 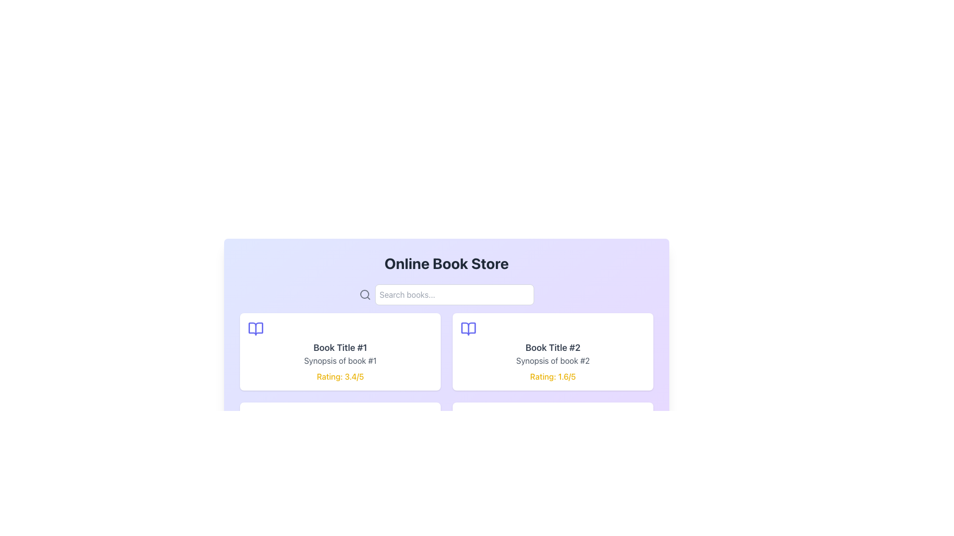 I want to click on the Text label that provides a brief description or summary of a book, located below 'Book Title #2' and above 'Rating: 1.6/5', in the right-side card of a two-card layout, so click(x=553, y=360).